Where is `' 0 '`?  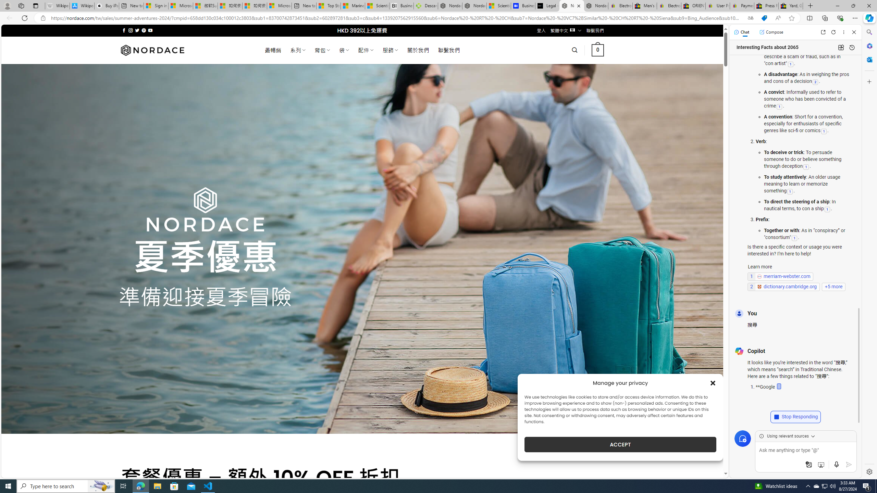
' 0 ' is located at coordinates (597, 50).